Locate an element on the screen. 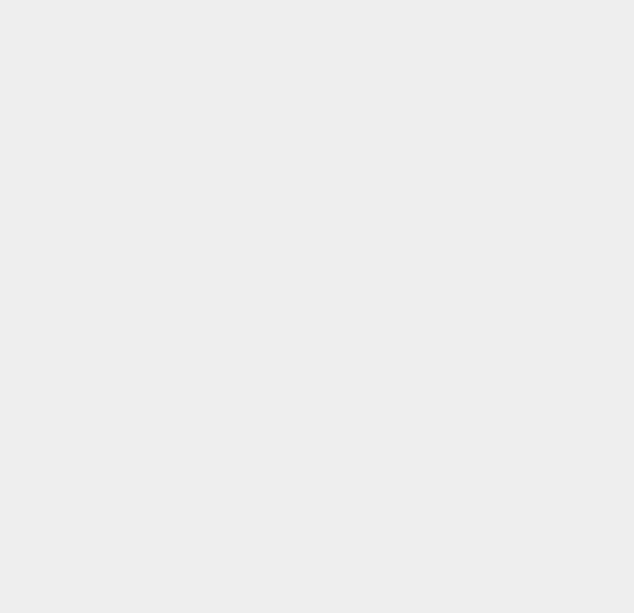  'USB Debugging' is located at coordinates (476, 336).